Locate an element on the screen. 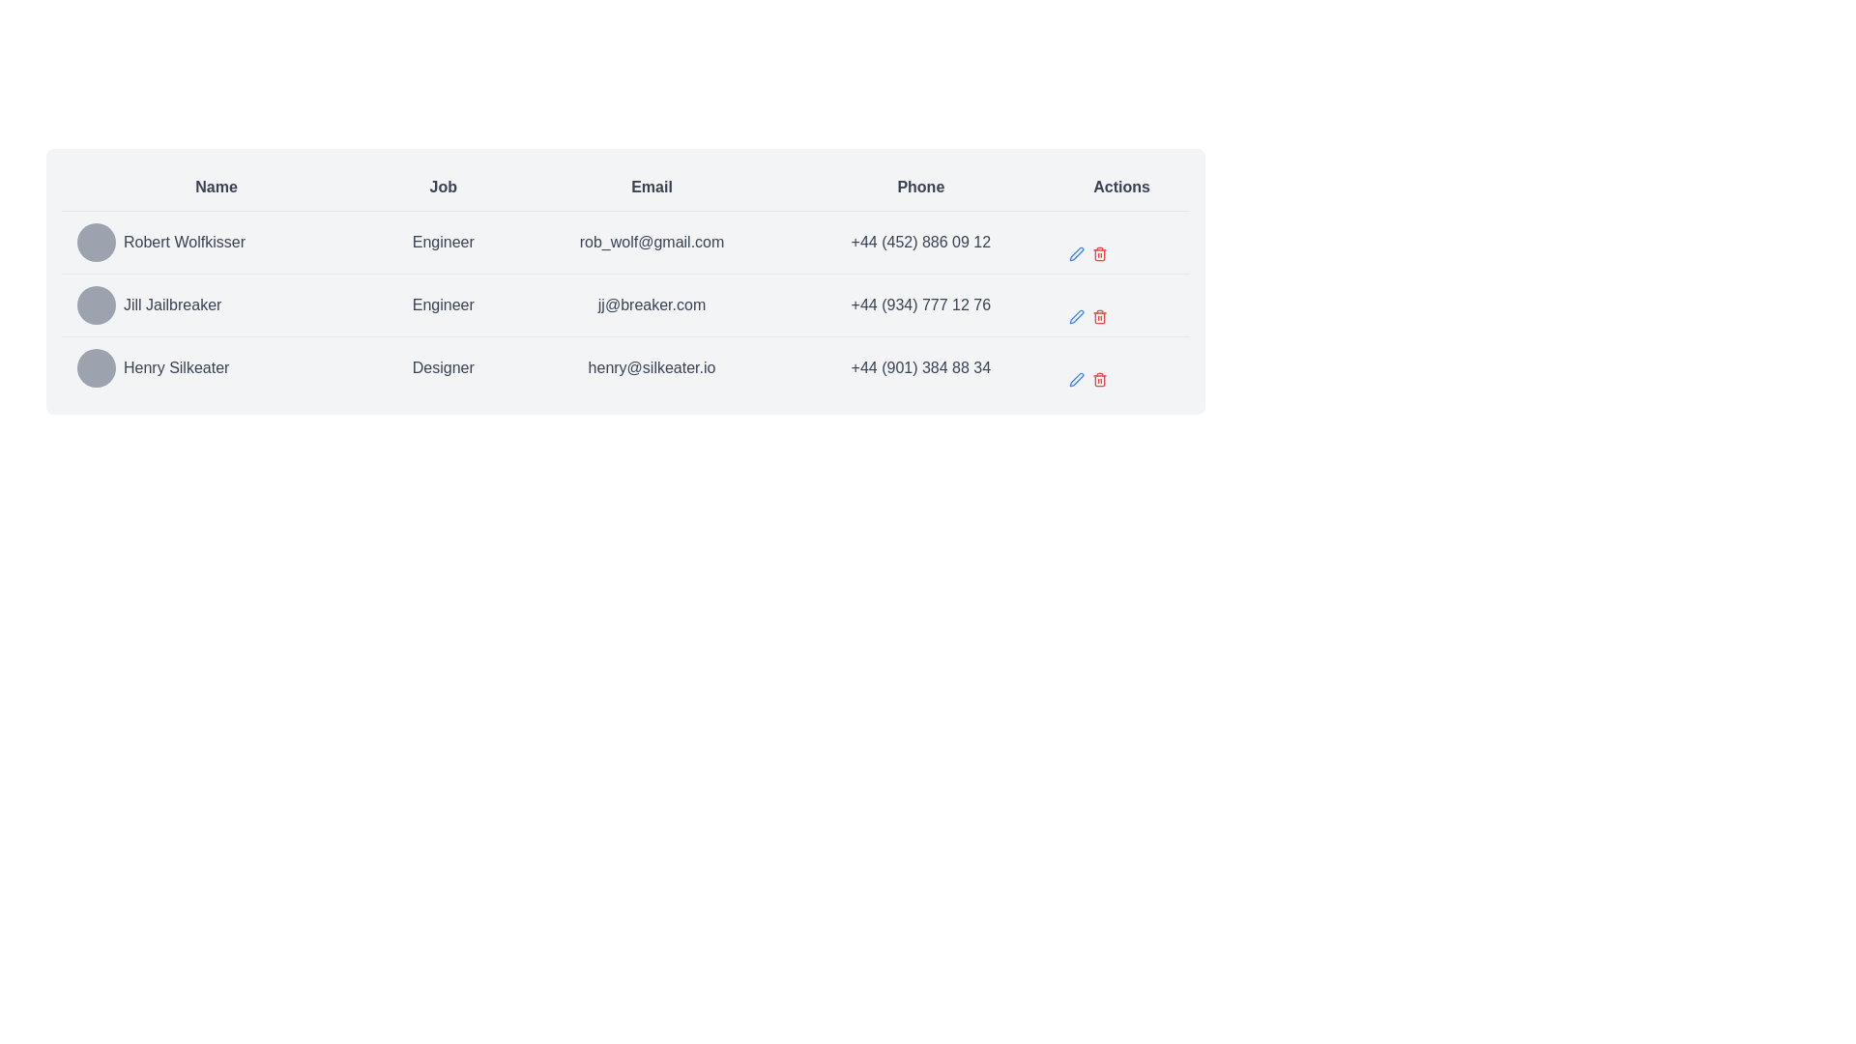 Image resolution: width=1856 pixels, height=1044 pixels. the data row displaying information for 'Henry Silkeater' is located at coordinates (625, 367).